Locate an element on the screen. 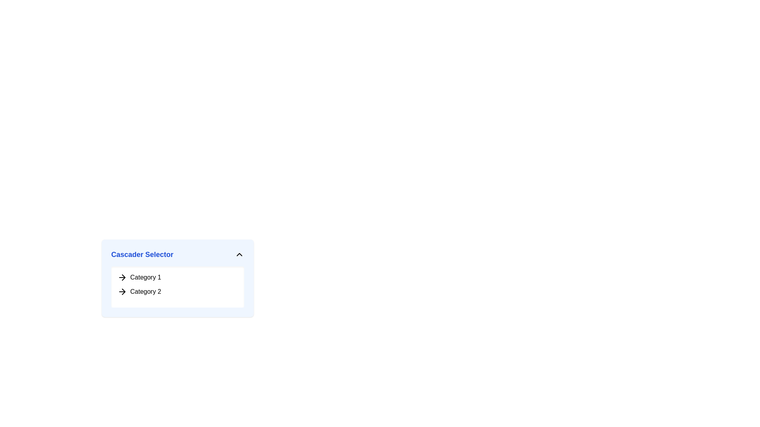  the icon indicating selectable navigation for 'Category 1', located on the far left of the item, preceding the text 'Category 1' is located at coordinates (122, 277).